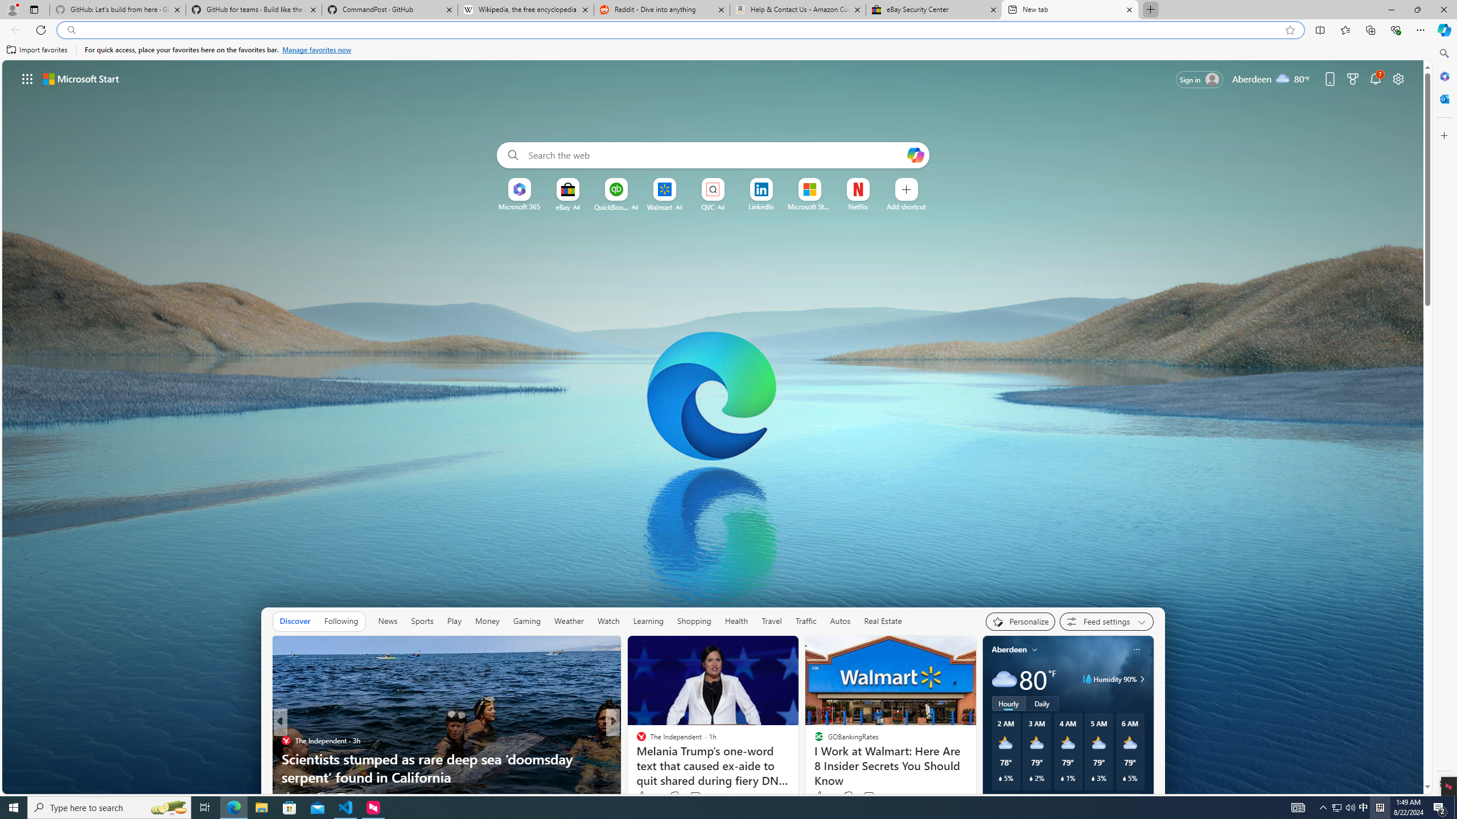 This screenshot has width=1457, height=819. What do you see at coordinates (692, 797) in the screenshot?
I see `'View comments 11 Comment'` at bounding box center [692, 797].